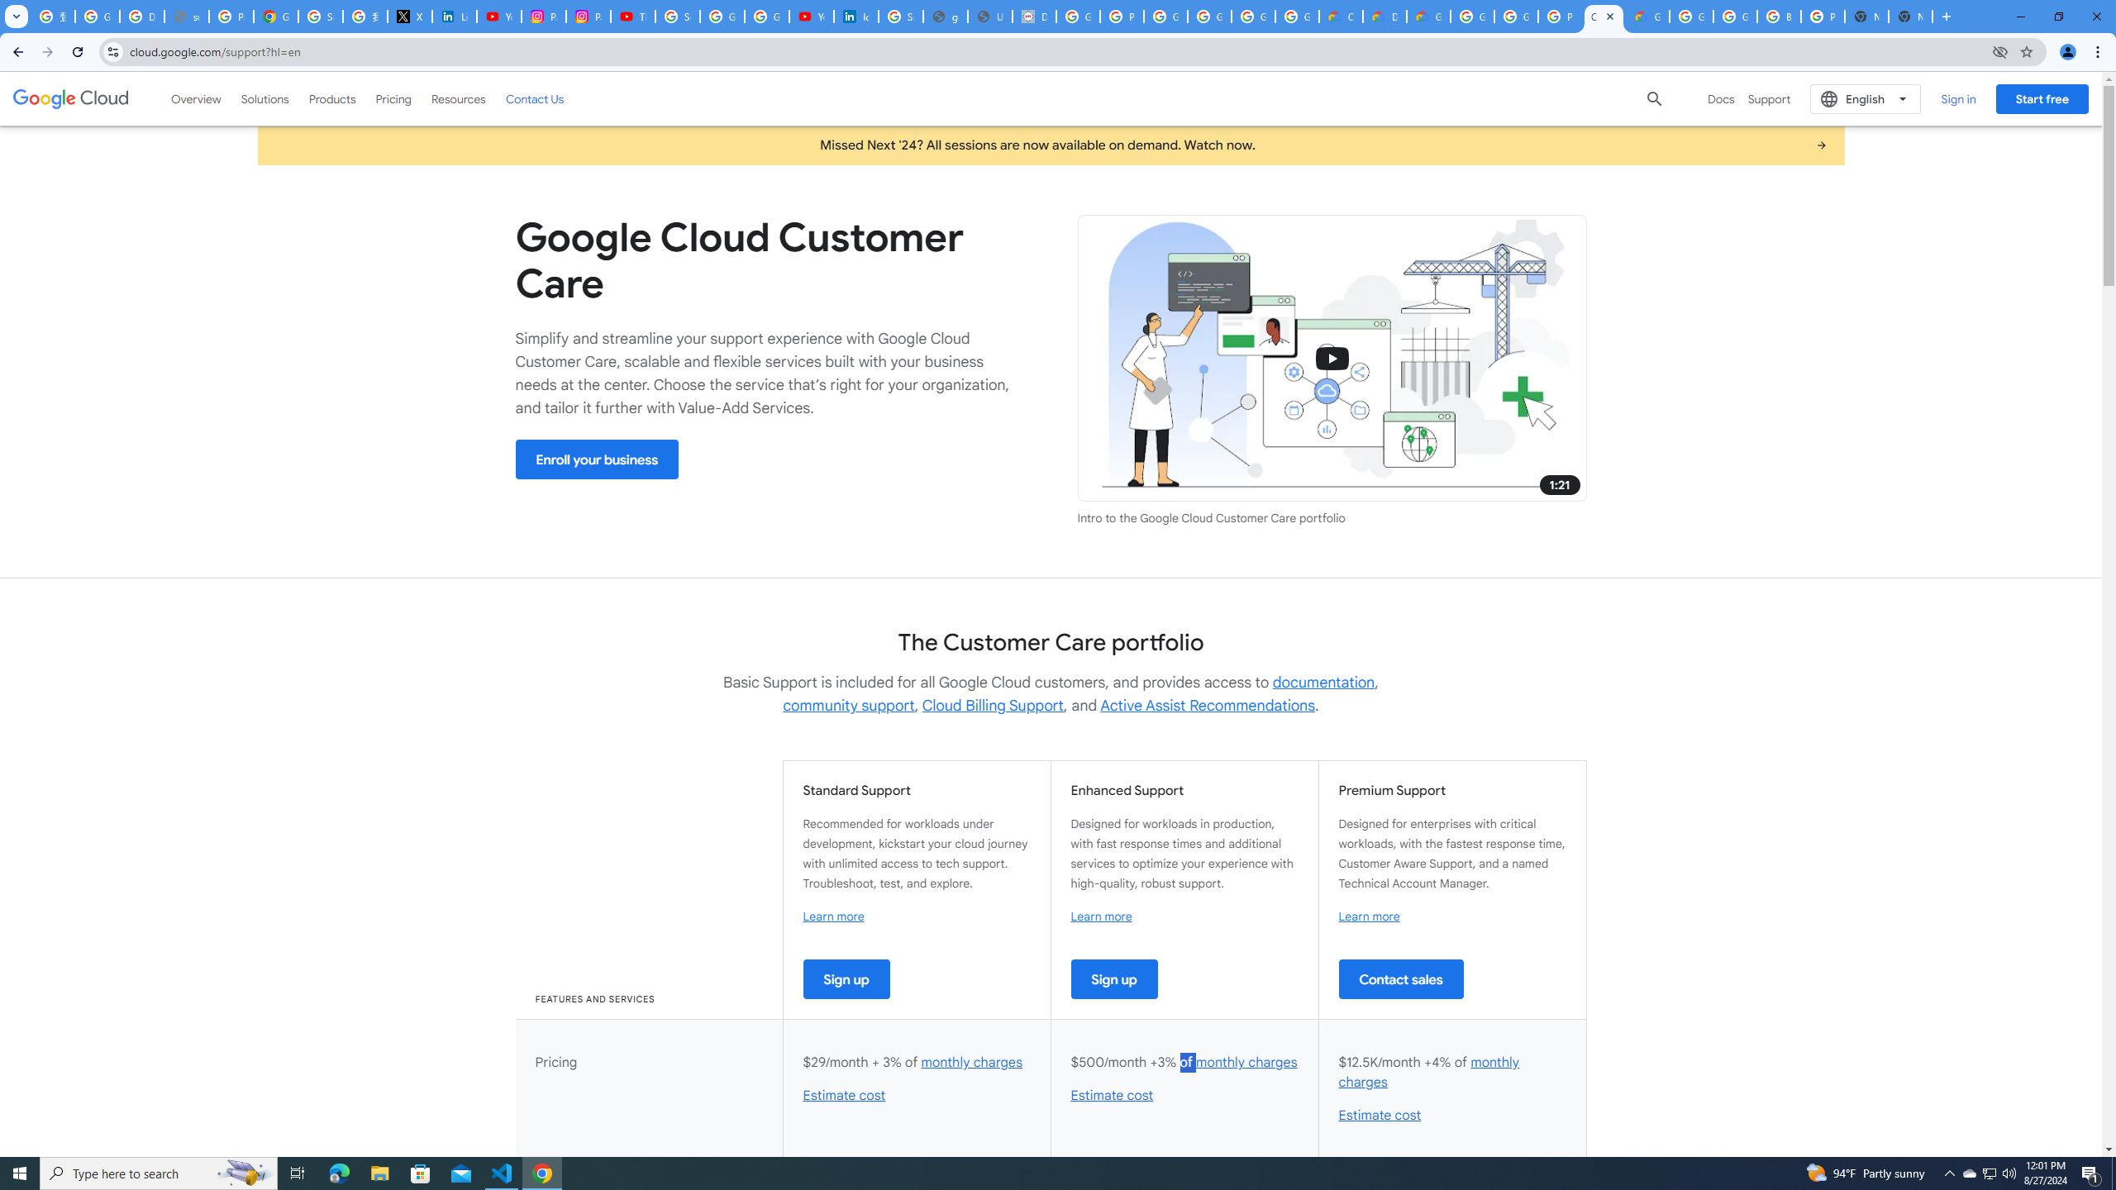 The image size is (2116, 1190). What do you see at coordinates (455, 16) in the screenshot?
I see `'LinkedIn Privacy Policy'` at bounding box center [455, 16].